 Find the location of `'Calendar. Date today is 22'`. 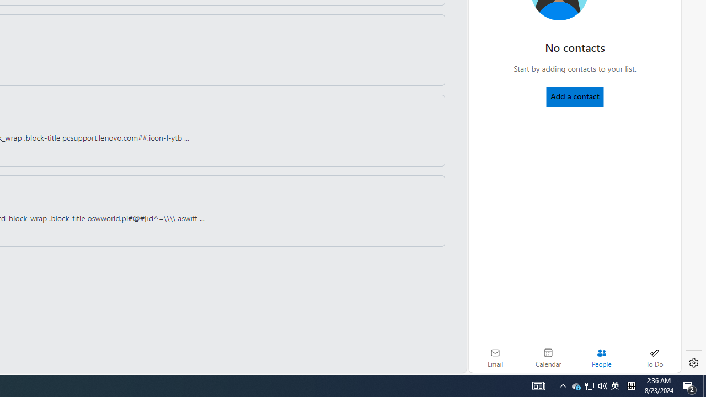

'Calendar. Date today is 22' is located at coordinates (548, 357).